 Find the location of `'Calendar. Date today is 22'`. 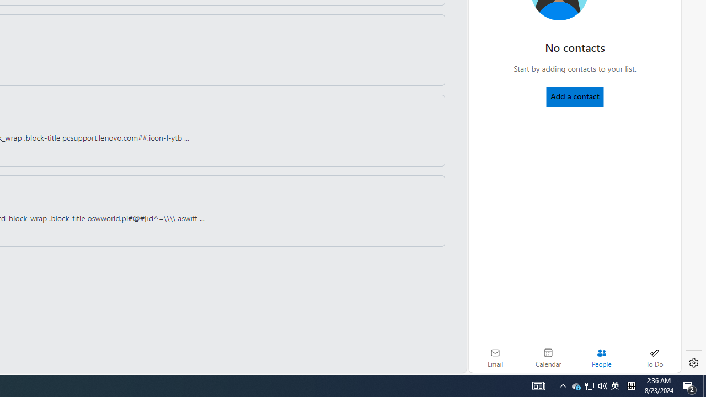

'Calendar. Date today is 22' is located at coordinates (548, 357).